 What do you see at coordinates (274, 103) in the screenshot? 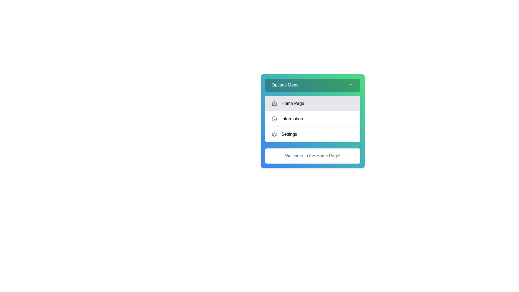
I see `the 'Home' icon located in the top part of the menu panel, which is positioned immediately to the left of the 'Home Page' text` at bounding box center [274, 103].